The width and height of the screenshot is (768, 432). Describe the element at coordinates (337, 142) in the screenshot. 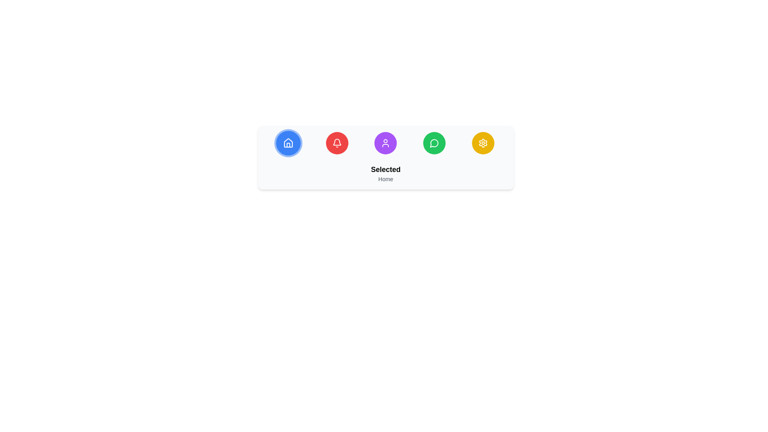

I see `the bottom segment of the bell-shaped icon, which is a part of the SVG graphical element representing a notification symbol` at that location.